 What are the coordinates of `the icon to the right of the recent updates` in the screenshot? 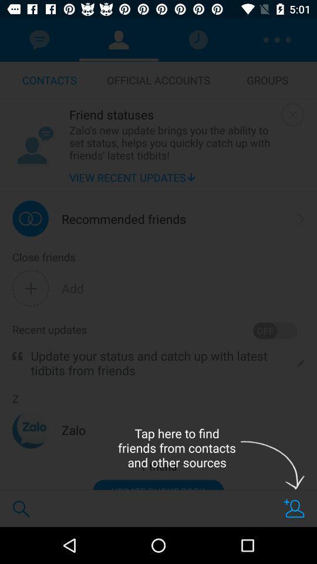 It's located at (275, 331).